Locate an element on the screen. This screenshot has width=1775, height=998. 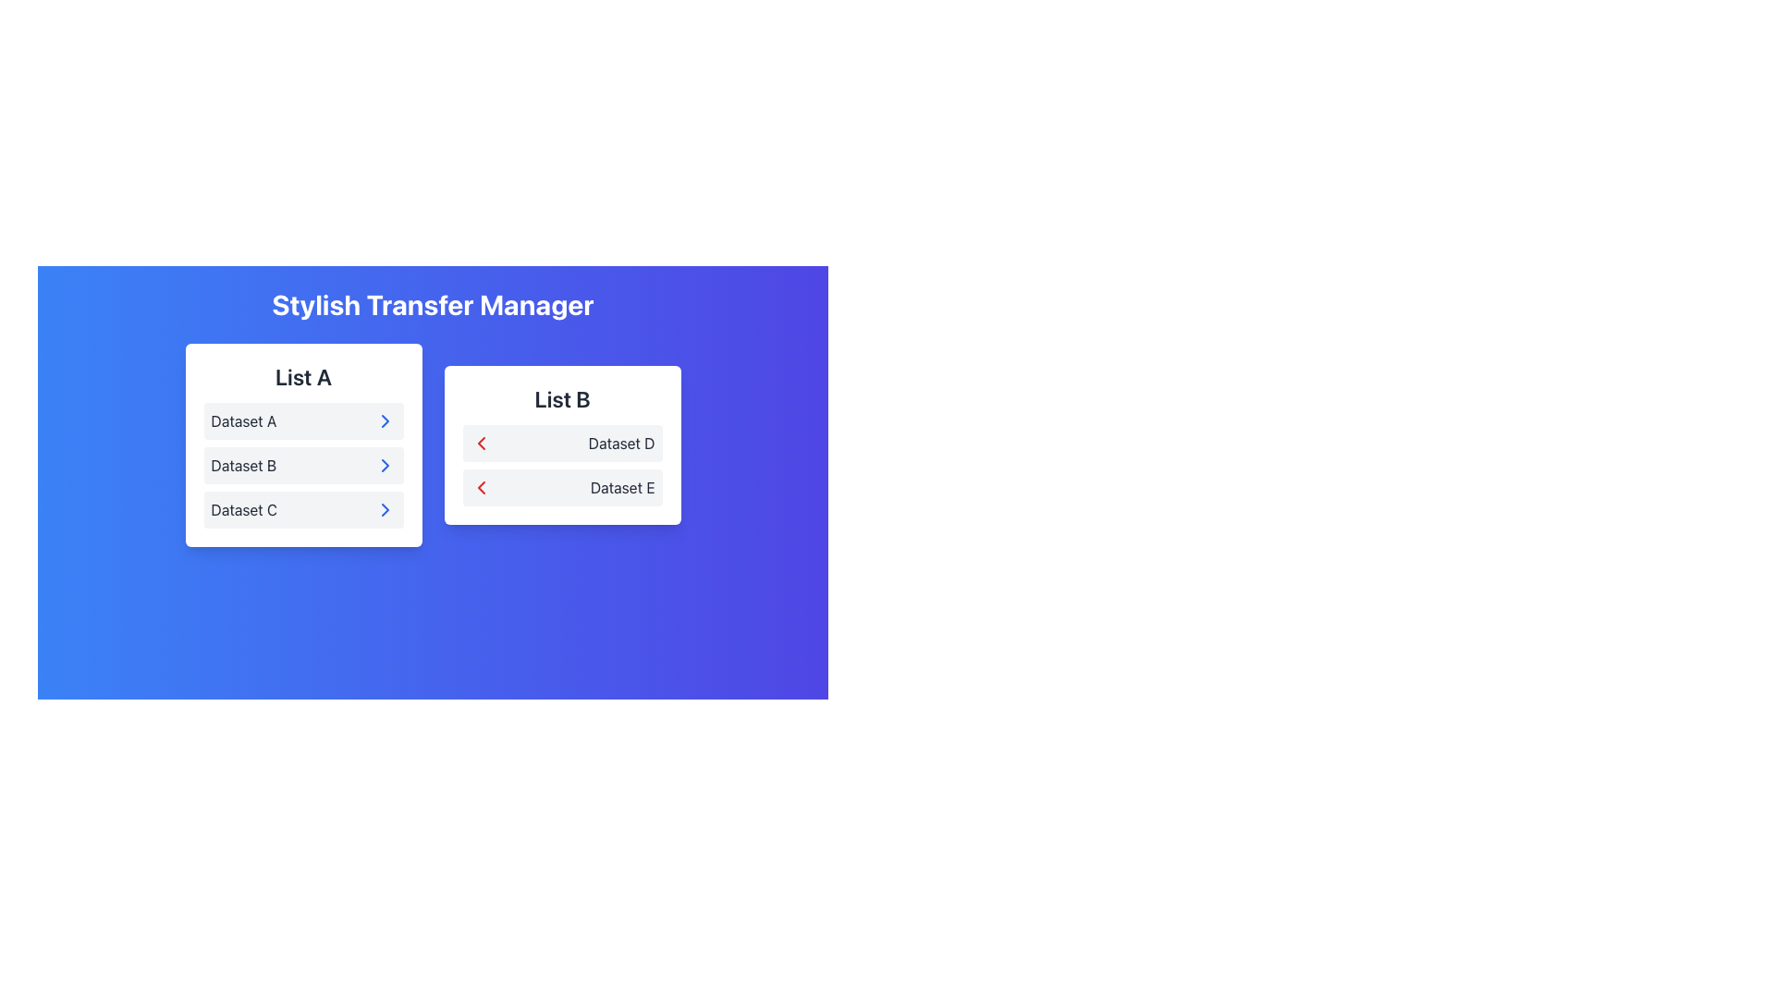
the left-pointing red arrow icon in the Interactive List Item labeled 'Dataset E' is located at coordinates (561, 487).